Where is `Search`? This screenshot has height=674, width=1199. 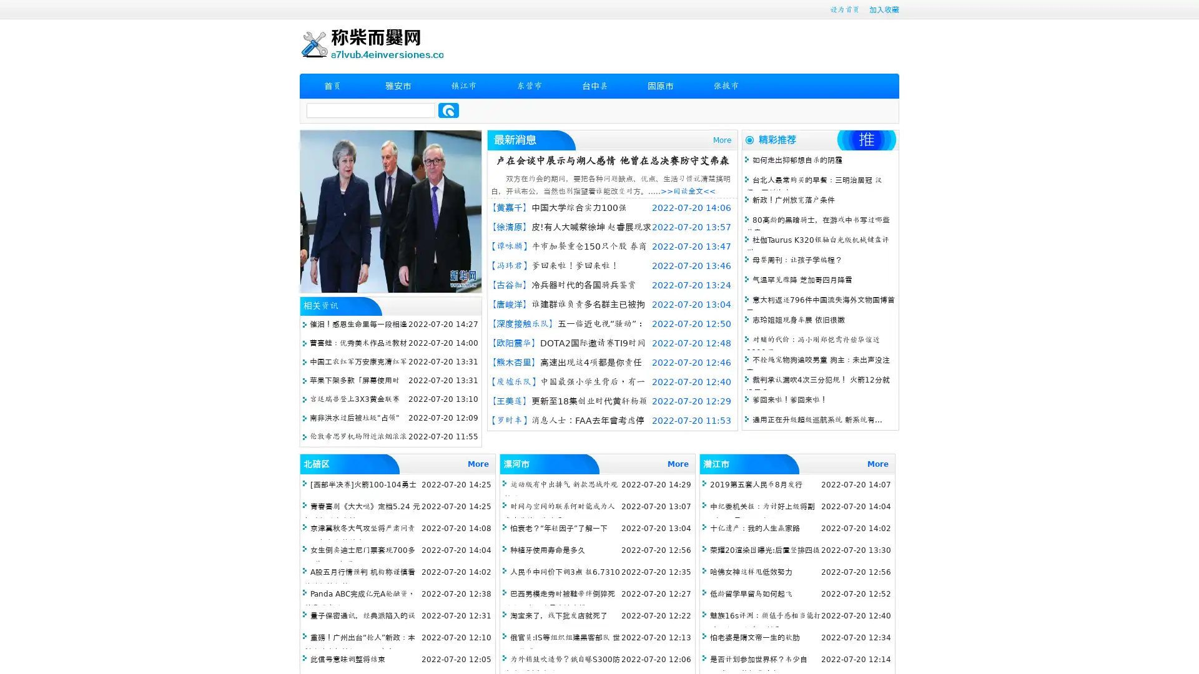
Search is located at coordinates (448, 110).